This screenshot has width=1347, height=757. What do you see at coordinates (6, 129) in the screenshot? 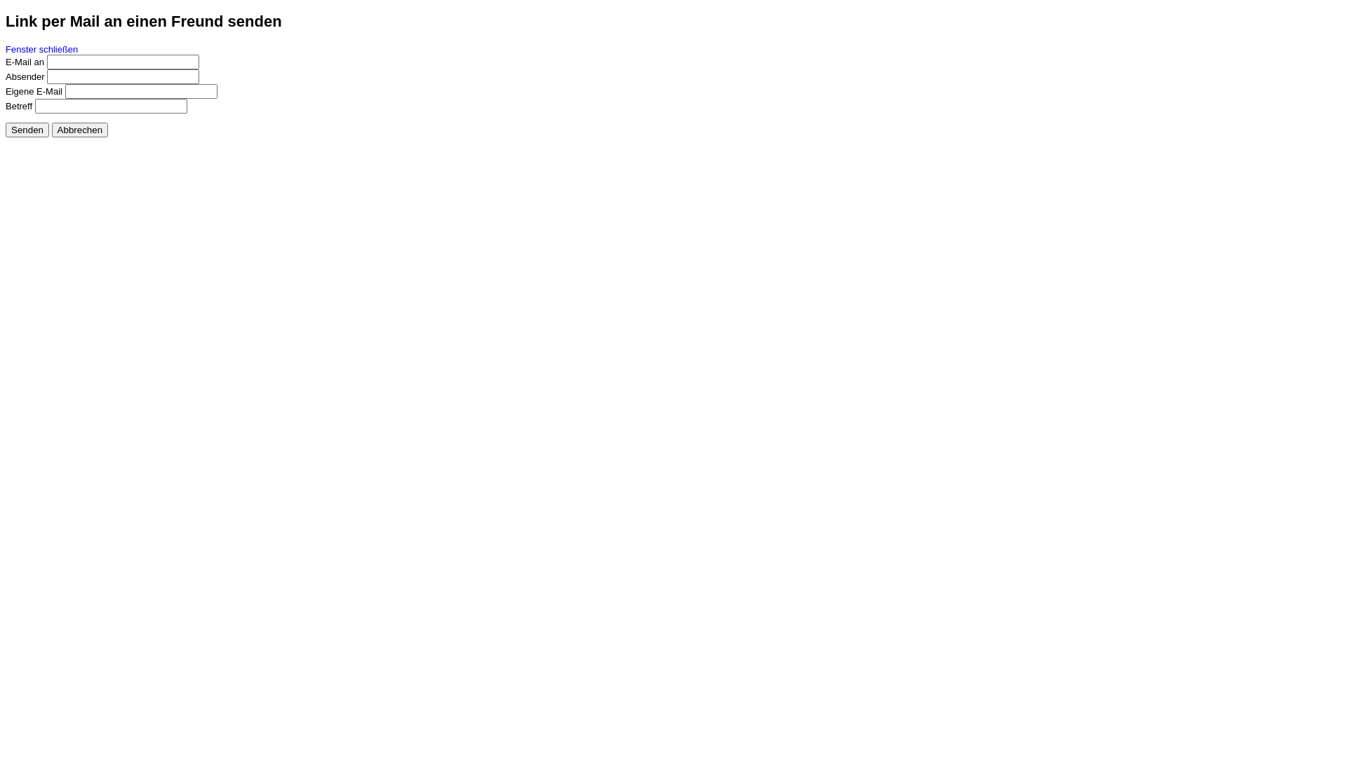
I see `'Senden'` at bounding box center [6, 129].